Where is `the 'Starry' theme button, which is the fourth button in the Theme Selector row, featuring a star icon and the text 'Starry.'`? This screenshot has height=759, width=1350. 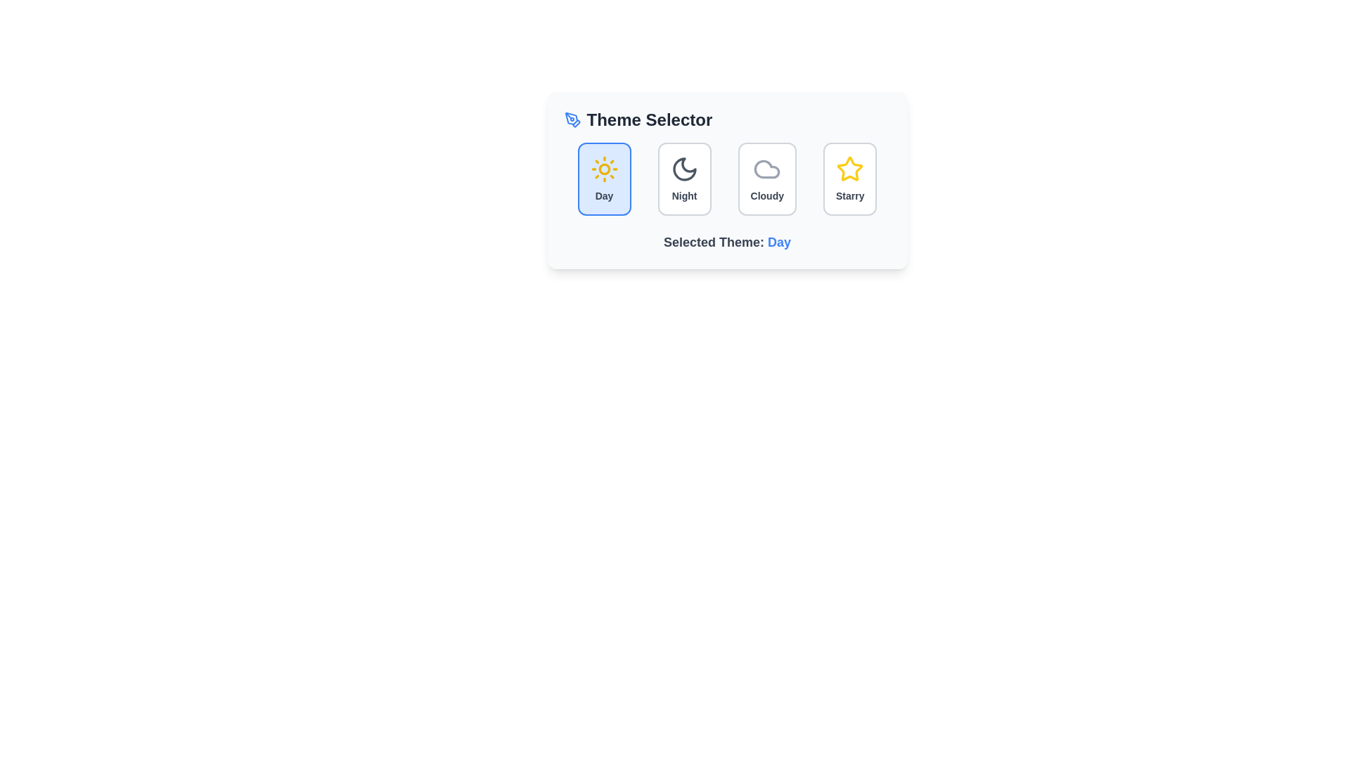 the 'Starry' theme button, which is the fourth button in the Theme Selector row, featuring a star icon and the text 'Starry.' is located at coordinates (849, 178).